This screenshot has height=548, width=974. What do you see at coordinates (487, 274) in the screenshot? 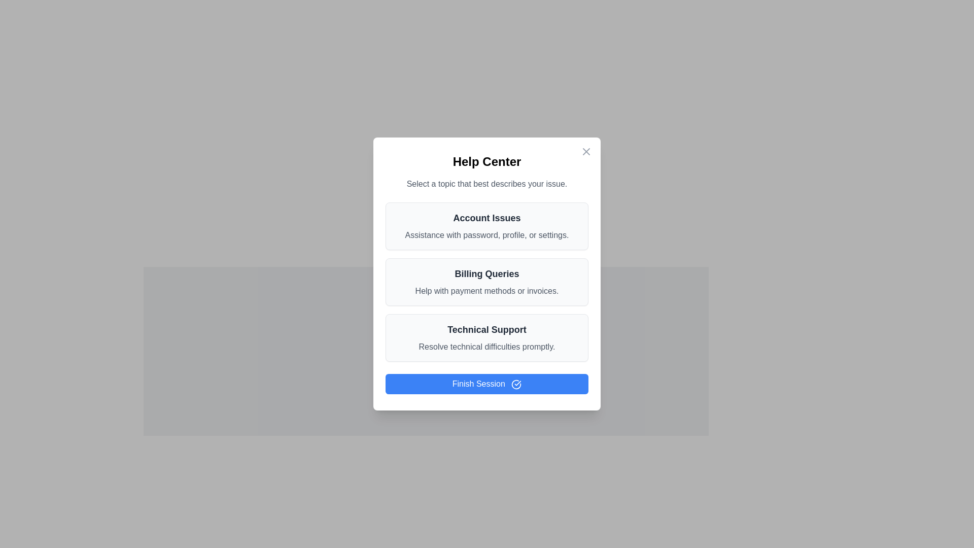
I see `the 'Finish Session' button in the Help Center modal window to observe any hover effects` at bounding box center [487, 274].